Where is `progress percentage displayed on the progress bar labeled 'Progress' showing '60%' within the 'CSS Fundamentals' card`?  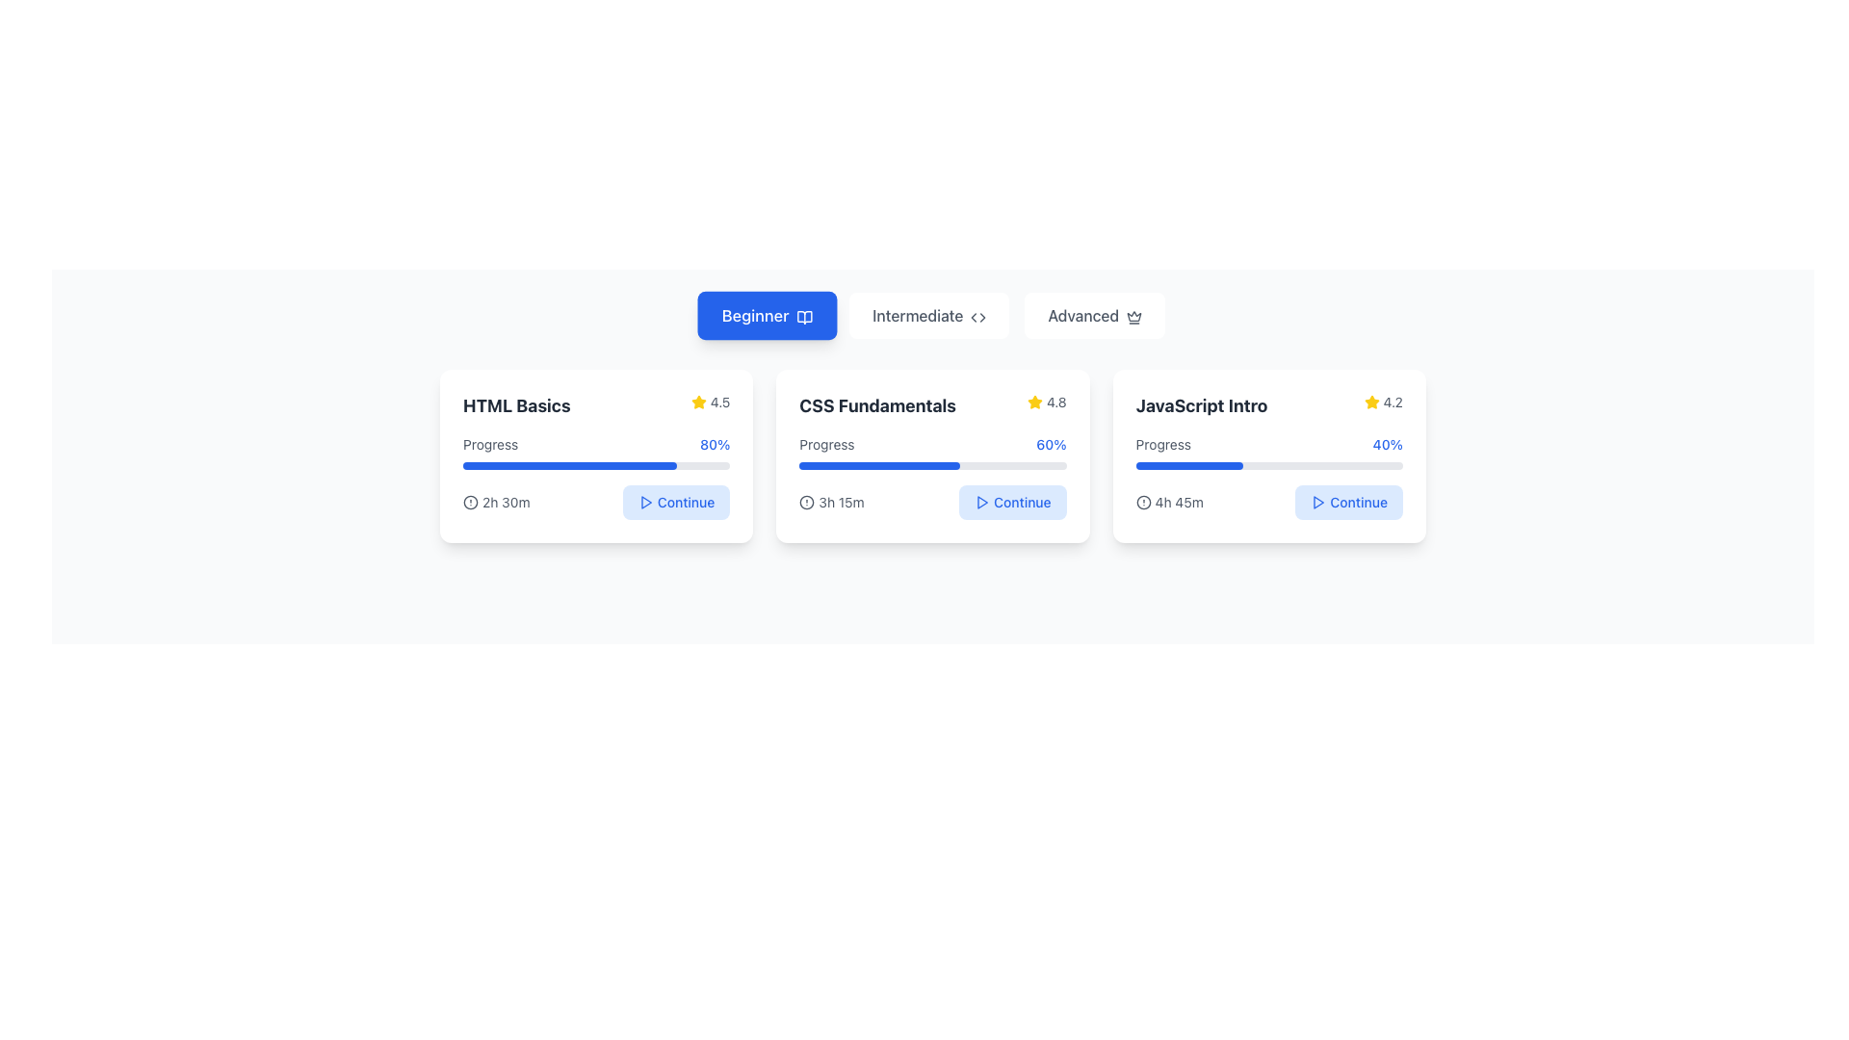 progress percentage displayed on the progress bar labeled 'Progress' showing '60%' within the 'CSS Fundamentals' card is located at coordinates (933, 453).